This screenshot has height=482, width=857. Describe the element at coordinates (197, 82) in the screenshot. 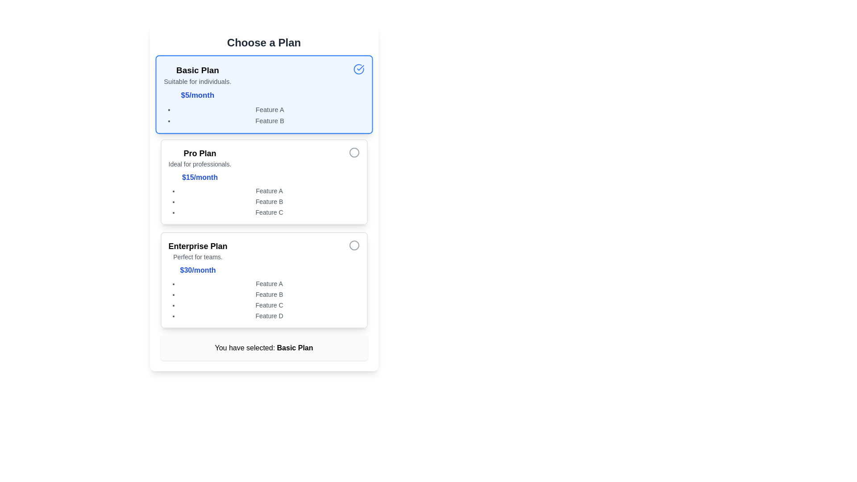

I see `text from the Information block titled 'Basic Plan', which includes the description 'Suitable for individuals.' and the price '$5/month'` at that location.